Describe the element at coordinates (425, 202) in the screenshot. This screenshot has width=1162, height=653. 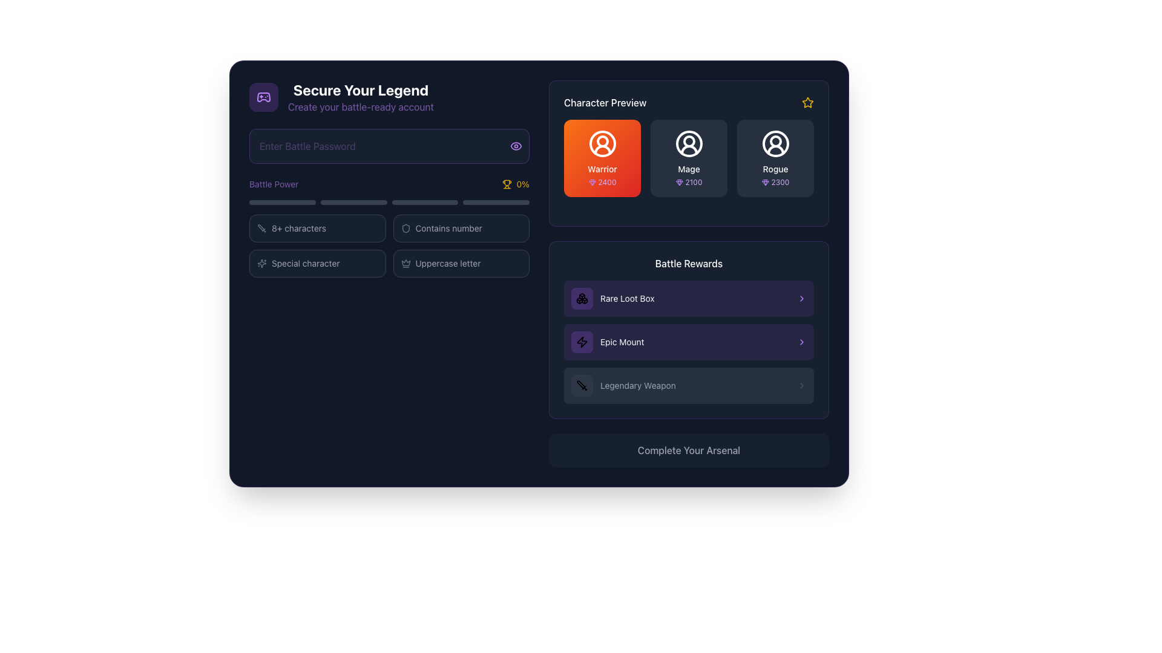
I see `the third progress indicator bar located below the 'Battle Power' label on the left side of the interface` at that location.